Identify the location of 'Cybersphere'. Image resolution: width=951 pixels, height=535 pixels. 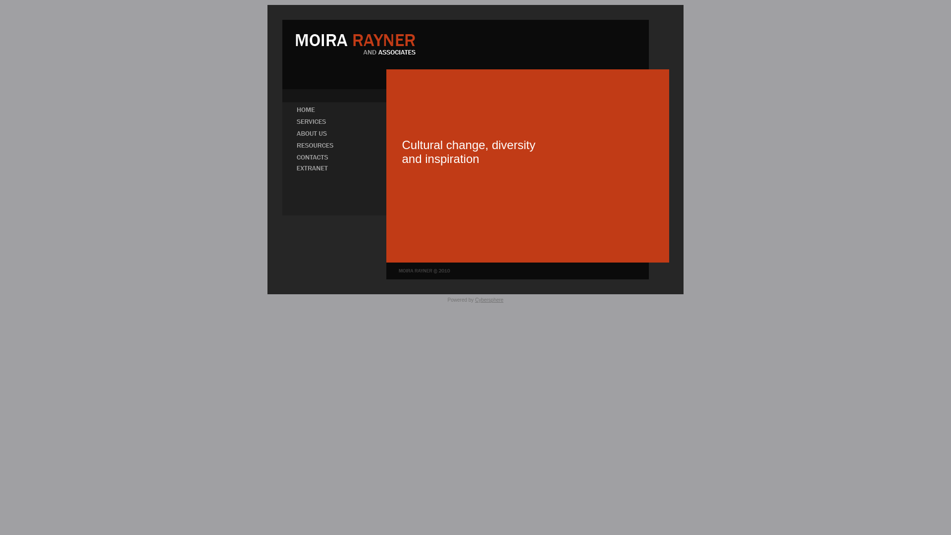
(489, 299).